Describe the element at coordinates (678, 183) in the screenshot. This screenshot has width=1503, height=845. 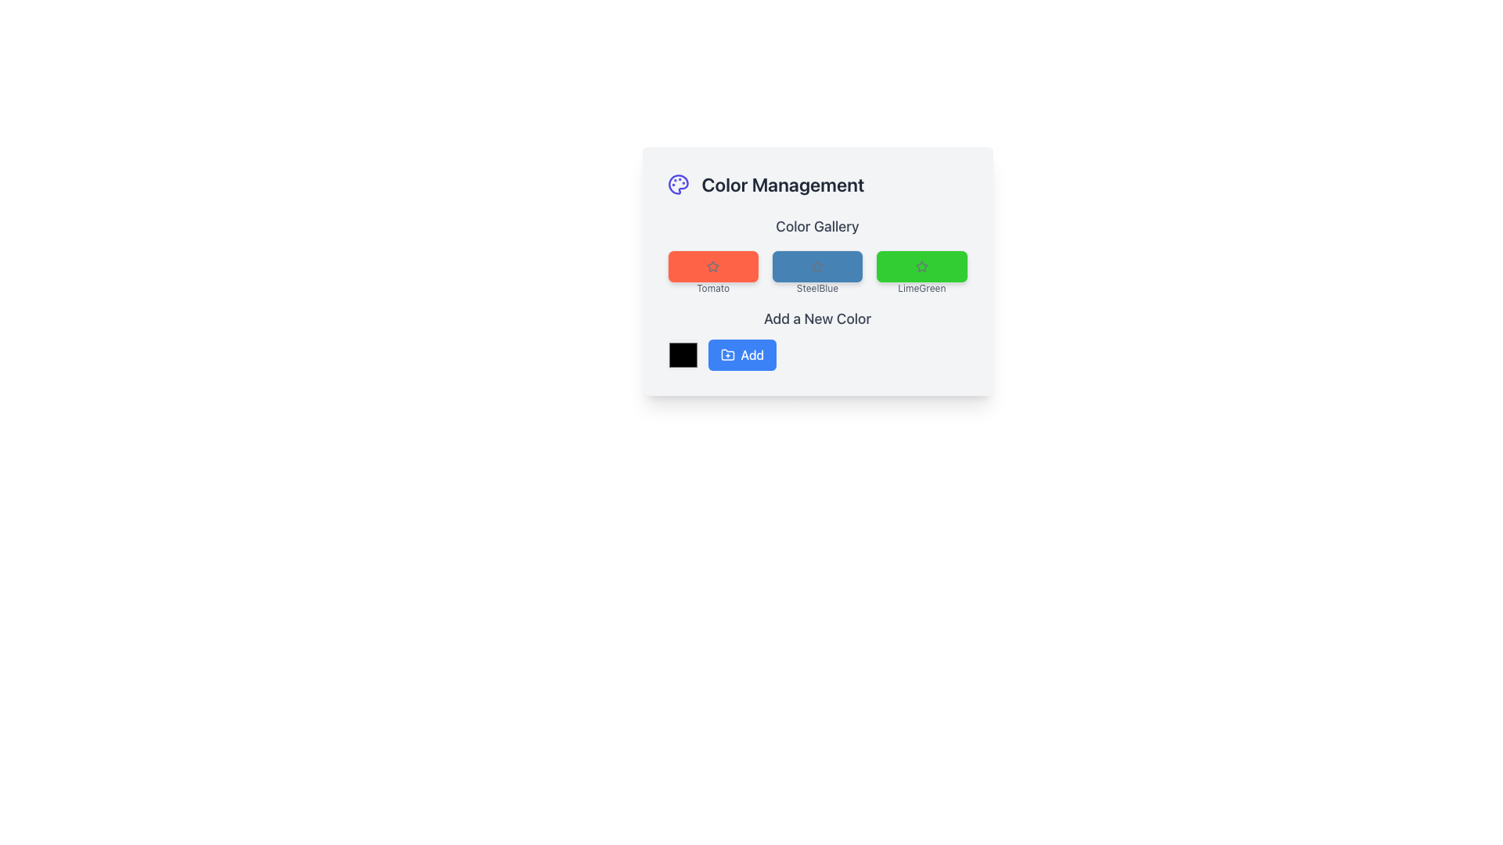
I see `the SVG graphic icon representing colors or palettes located at the leftmost part of the header within the 'Color Management' panel` at that location.